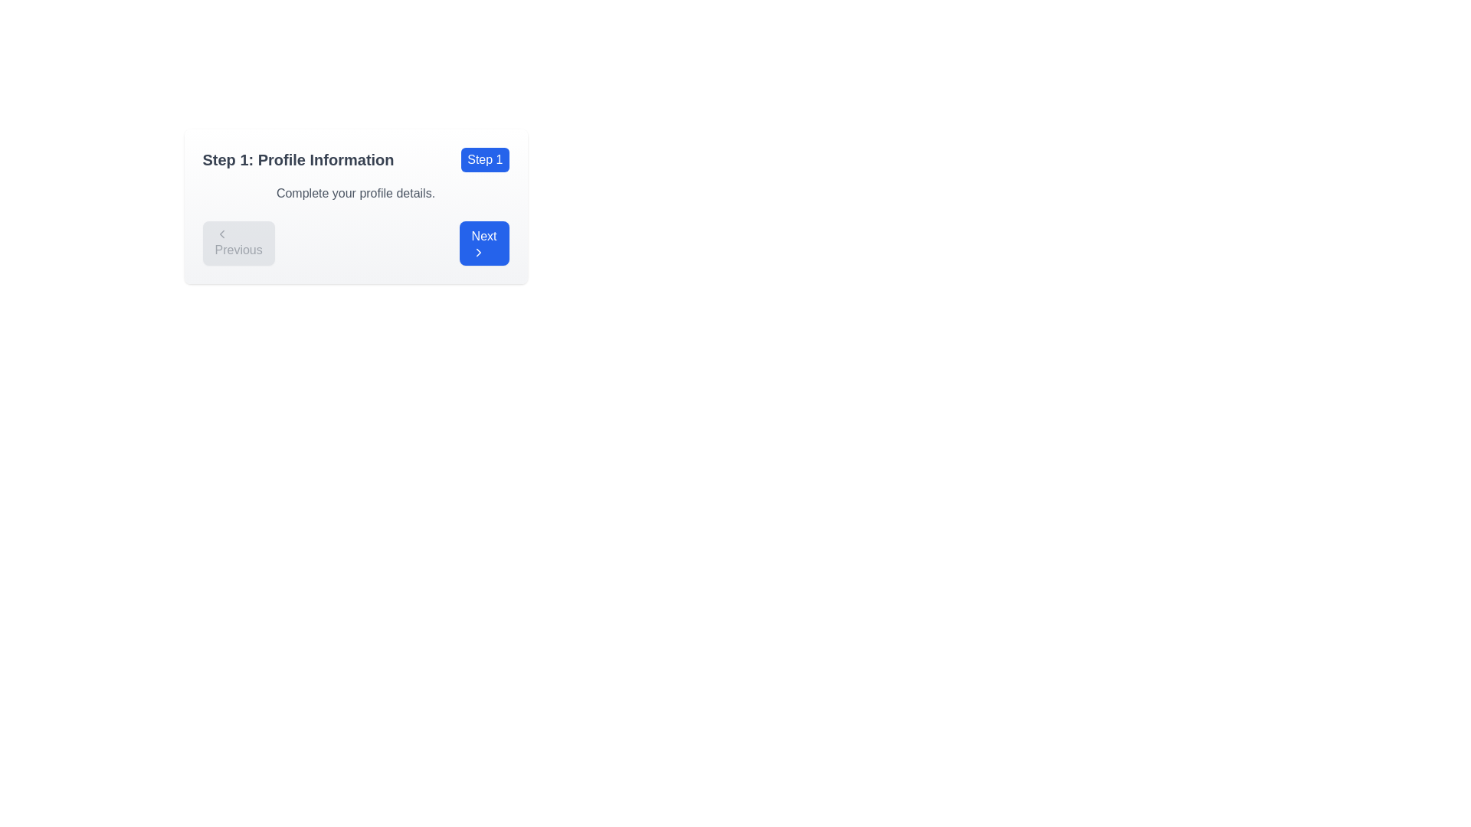 This screenshot has height=827, width=1471. What do you see at coordinates (477, 252) in the screenshot?
I see `the icon within the 'Next' button located in the bottom-right area of the card to proceed to the next step` at bounding box center [477, 252].